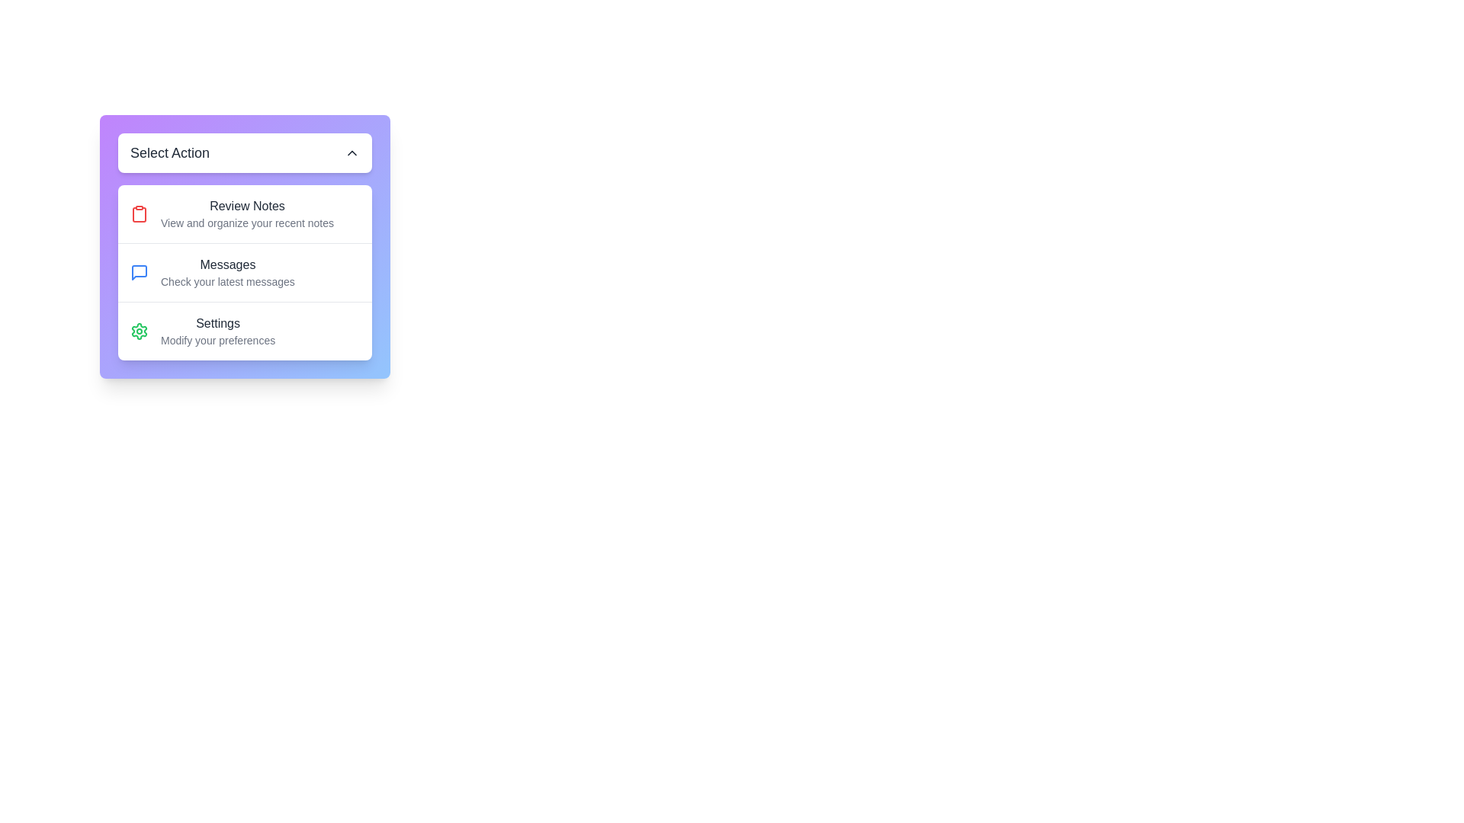 The height and width of the screenshot is (823, 1464). Describe the element at coordinates (139, 331) in the screenshot. I see `the 'Settings' icon located in the settings row at the bottom of the action selection menu` at that location.